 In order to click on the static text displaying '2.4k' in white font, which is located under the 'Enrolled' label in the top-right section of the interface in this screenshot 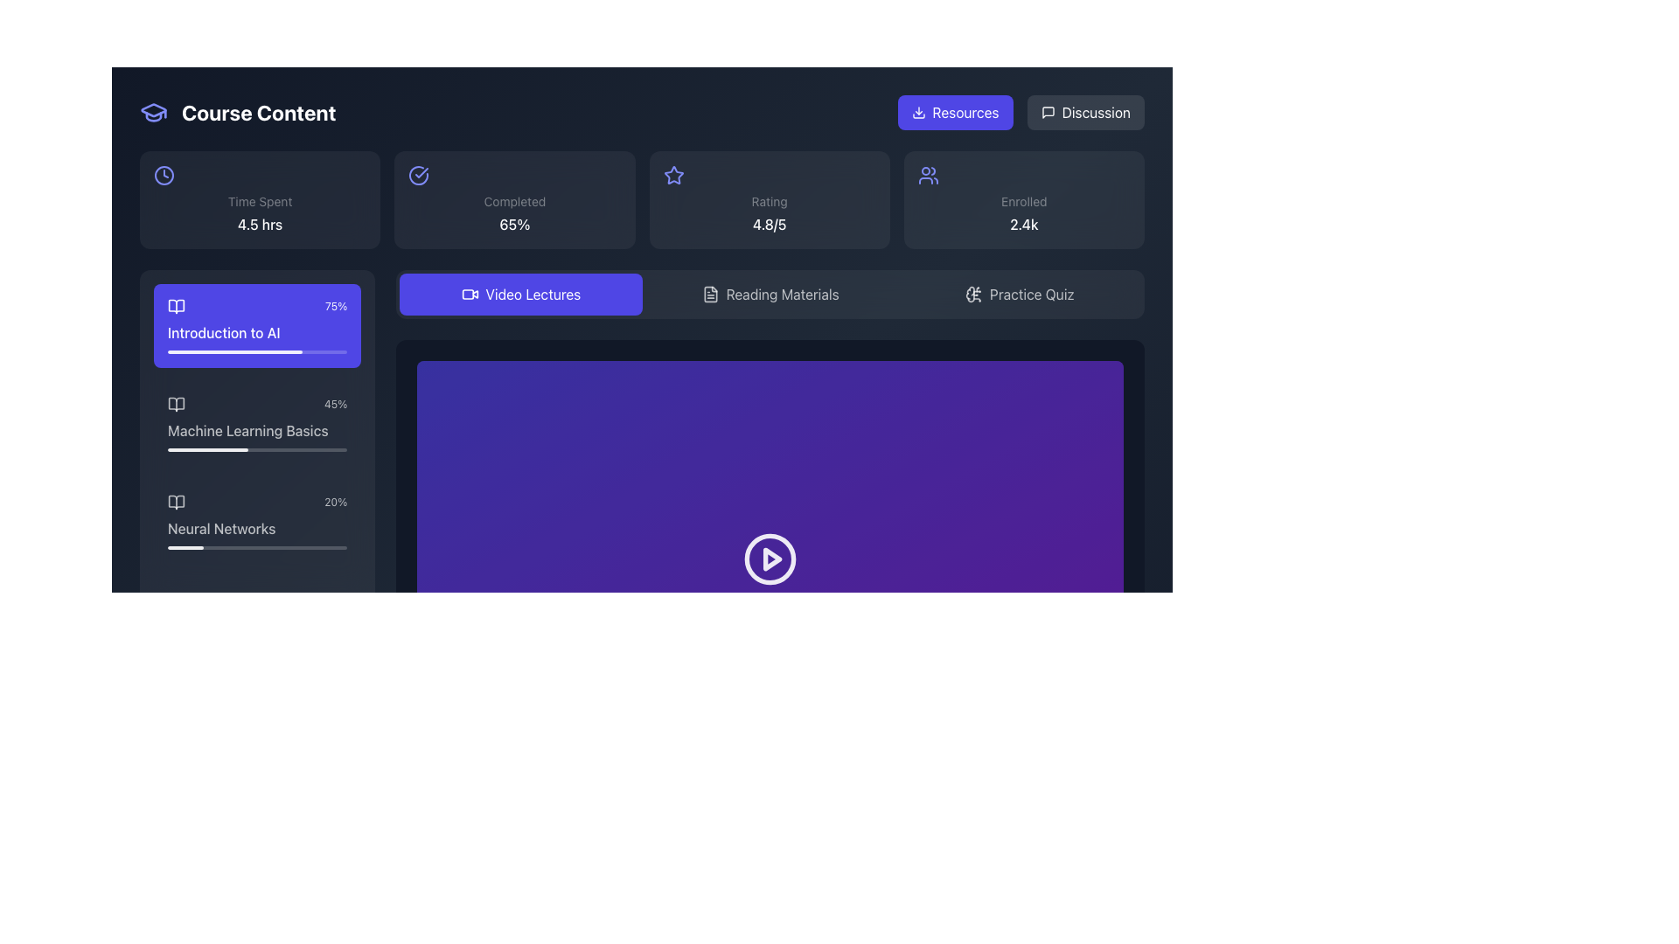, I will do `click(1024, 224)`.